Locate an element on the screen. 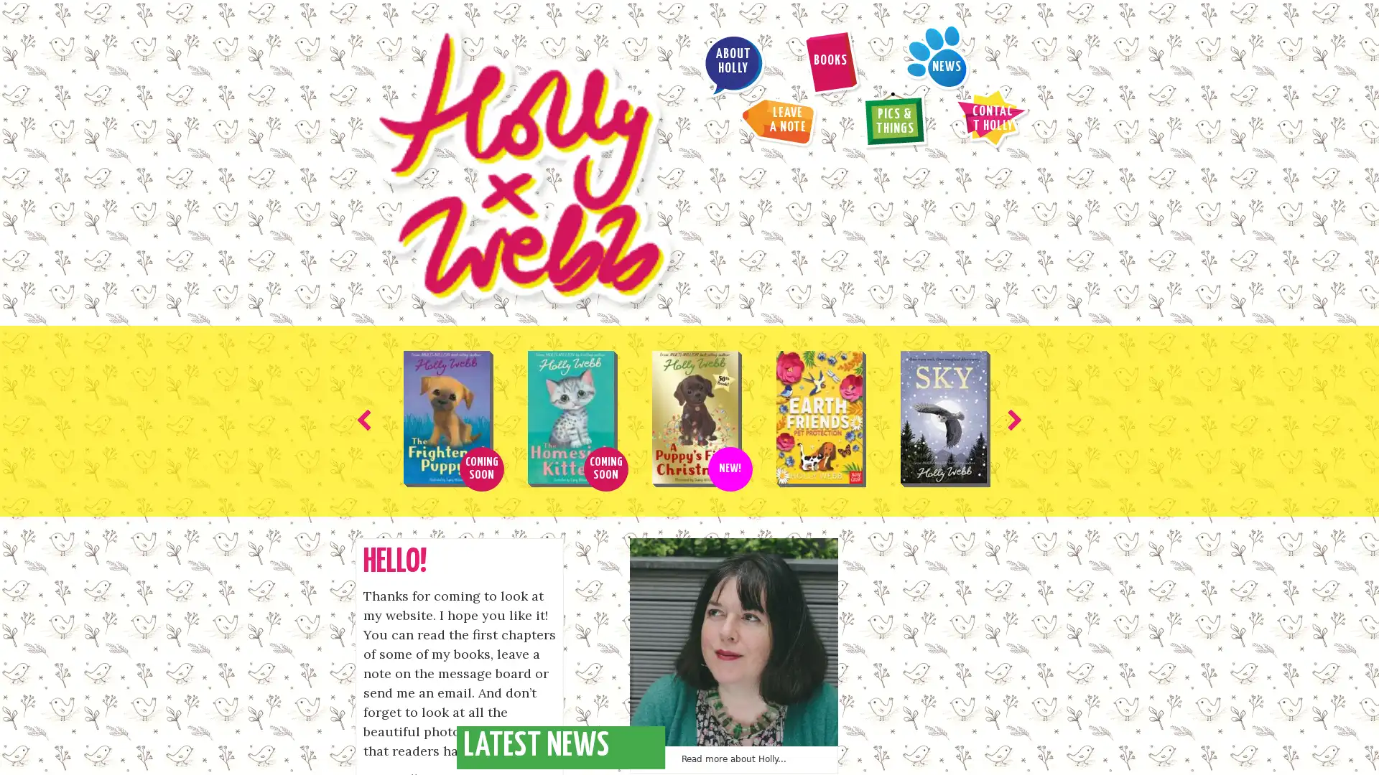  Next is located at coordinates (772, 728).